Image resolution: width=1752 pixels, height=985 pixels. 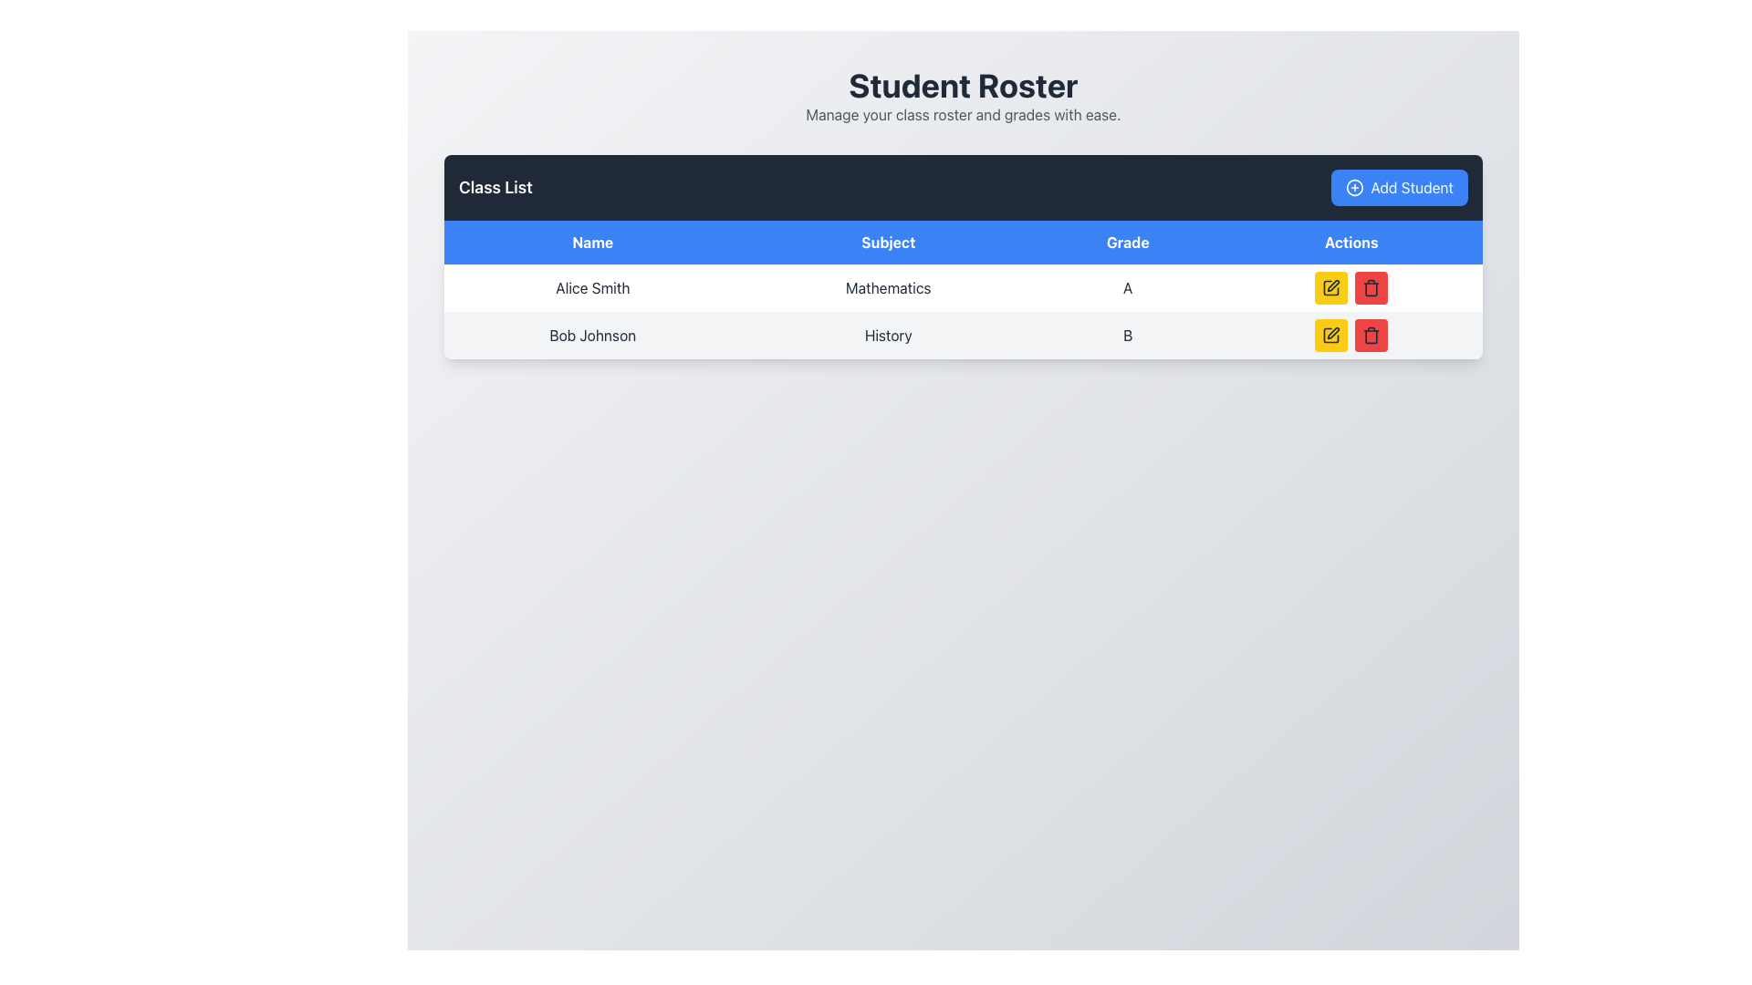 I want to click on the edit icon button located in the 'Actions' column of the table for the row corresponding to 'Alice Smith' to initiate an edit action, so click(x=1333, y=285).